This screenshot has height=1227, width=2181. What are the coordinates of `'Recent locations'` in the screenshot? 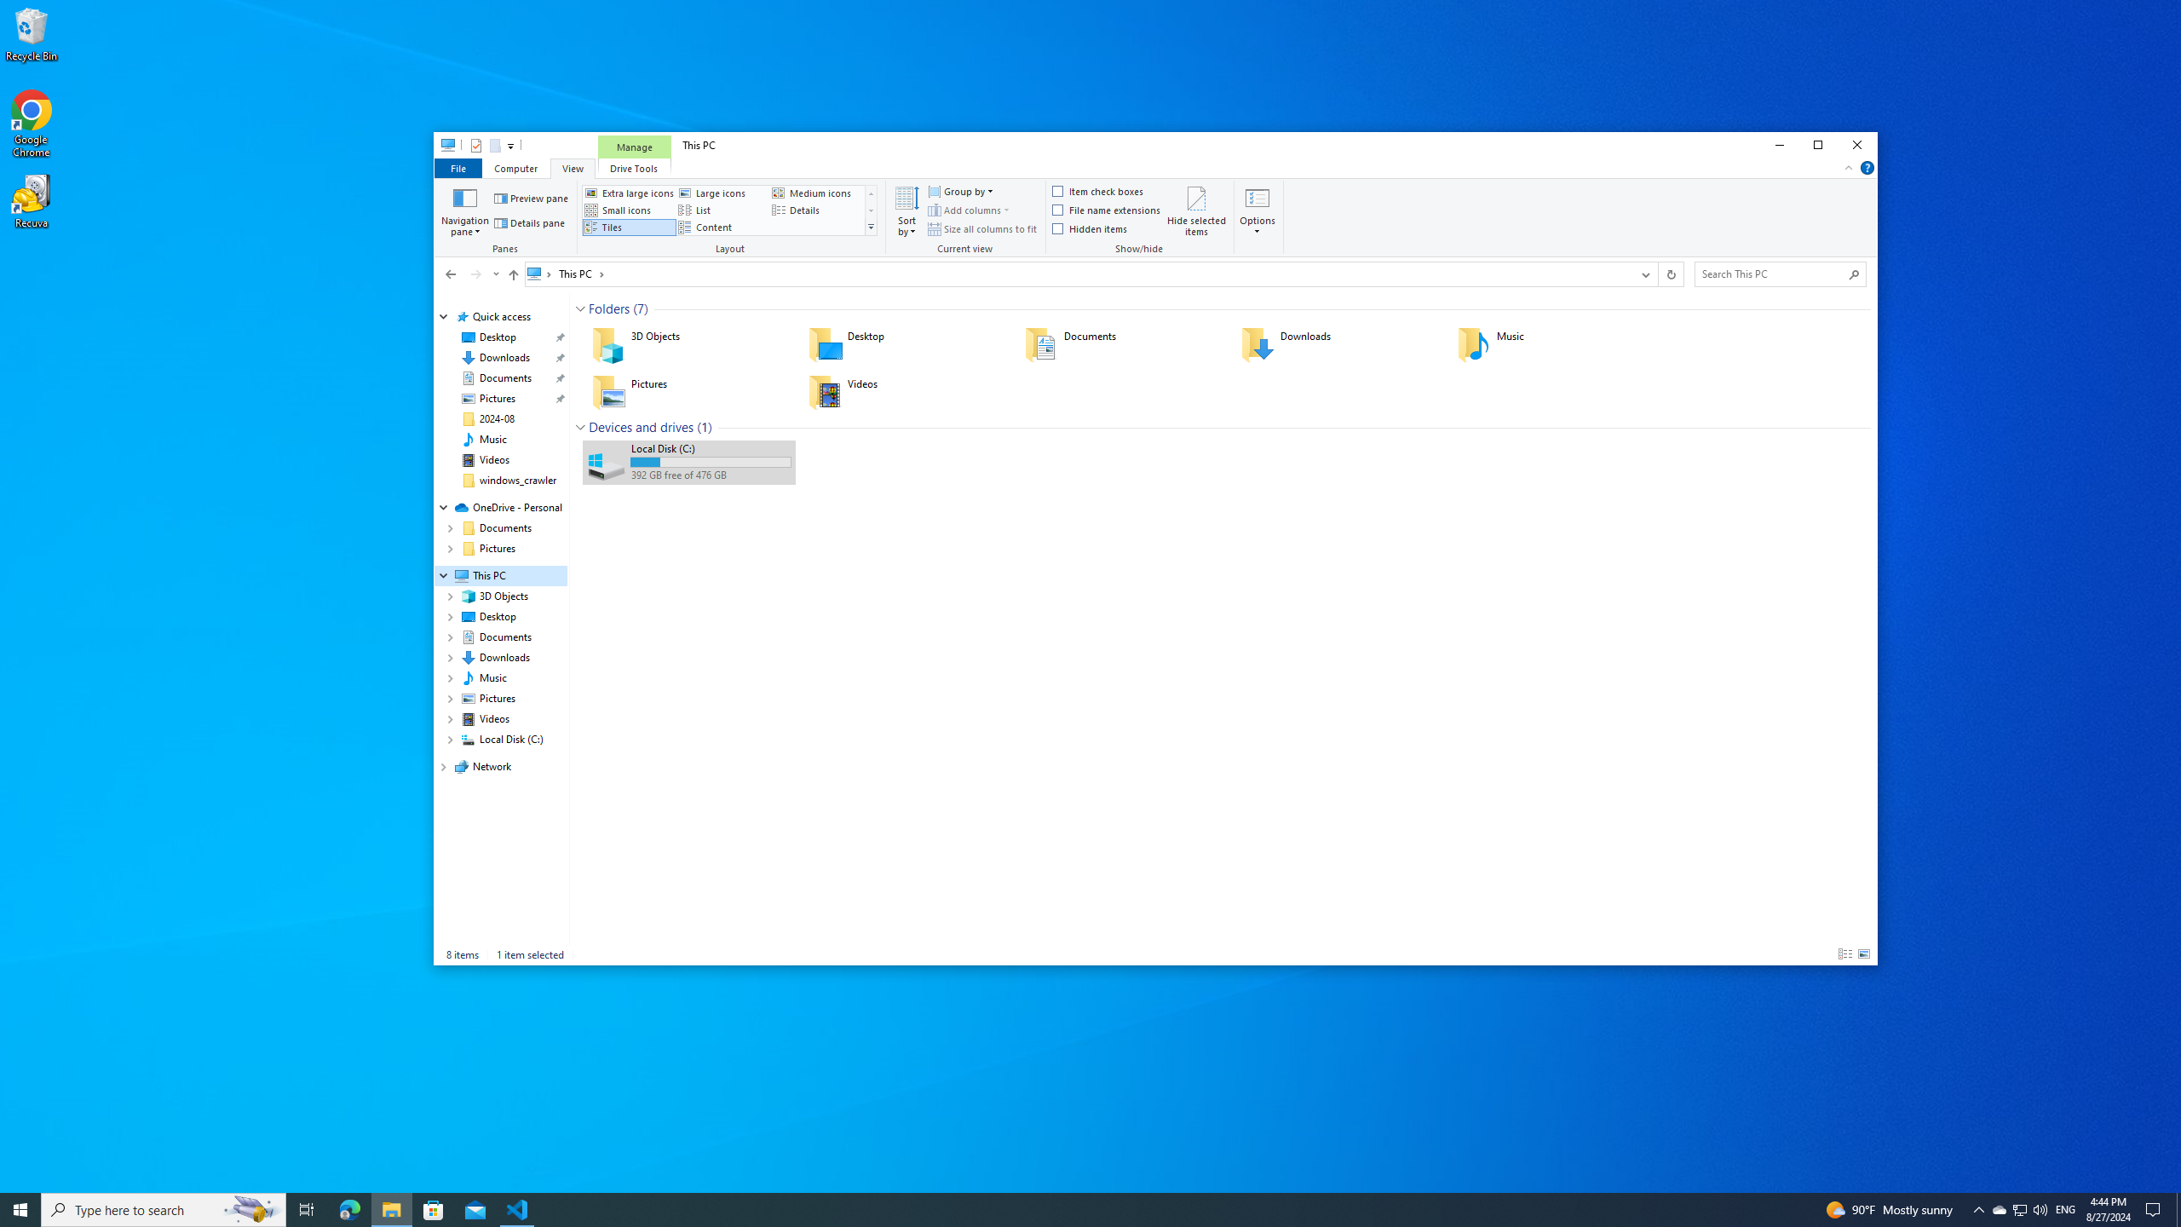 It's located at (494, 274).